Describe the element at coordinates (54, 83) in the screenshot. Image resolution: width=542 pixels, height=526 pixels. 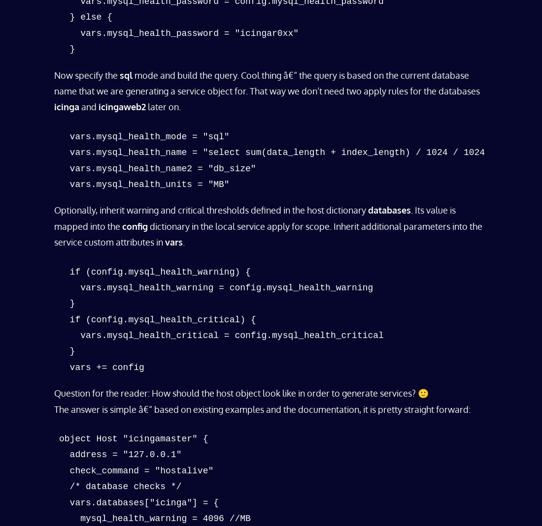
I see `'mode and build the query. Cool thing â€“ the query is based on the current database name that we are generating a service object for. That way we don’t need two apply rules for the databases'` at that location.